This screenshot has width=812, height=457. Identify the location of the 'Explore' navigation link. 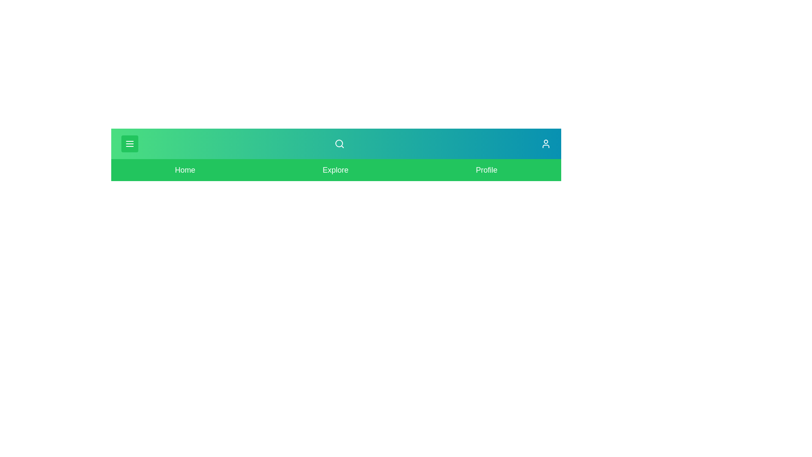
(335, 170).